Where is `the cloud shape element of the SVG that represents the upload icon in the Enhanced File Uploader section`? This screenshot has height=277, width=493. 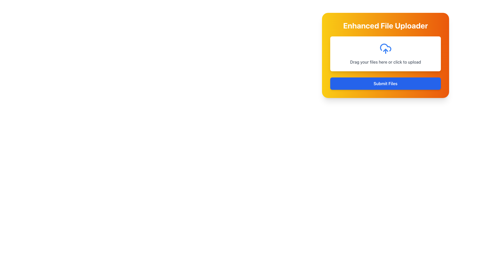
the cloud shape element of the SVG that represents the upload icon in the Enhanced File Uploader section is located at coordinates (385, 47).